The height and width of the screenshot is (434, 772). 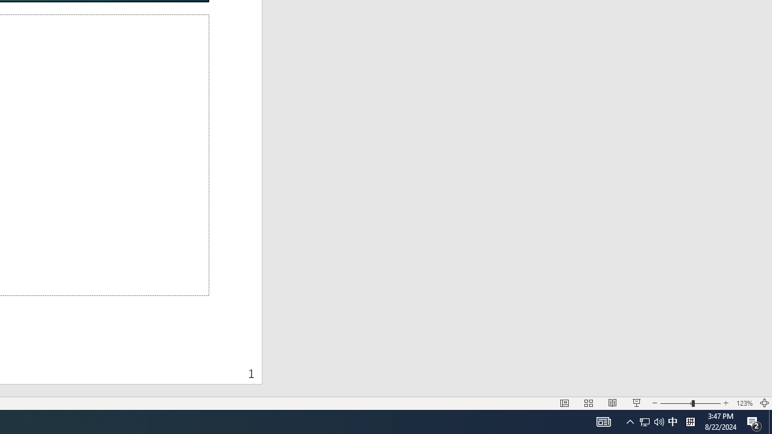 What do you see at coordinates (564, 403) in the screenshot?
I see `'Normal'` at bounding box center [564, 403].